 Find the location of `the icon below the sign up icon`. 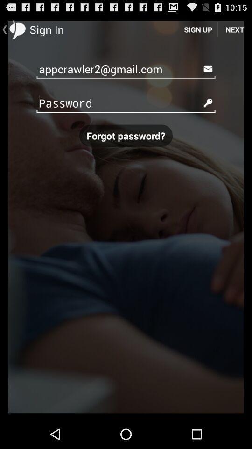

the icon below the sign up icon is located at coordinates (126, 68).